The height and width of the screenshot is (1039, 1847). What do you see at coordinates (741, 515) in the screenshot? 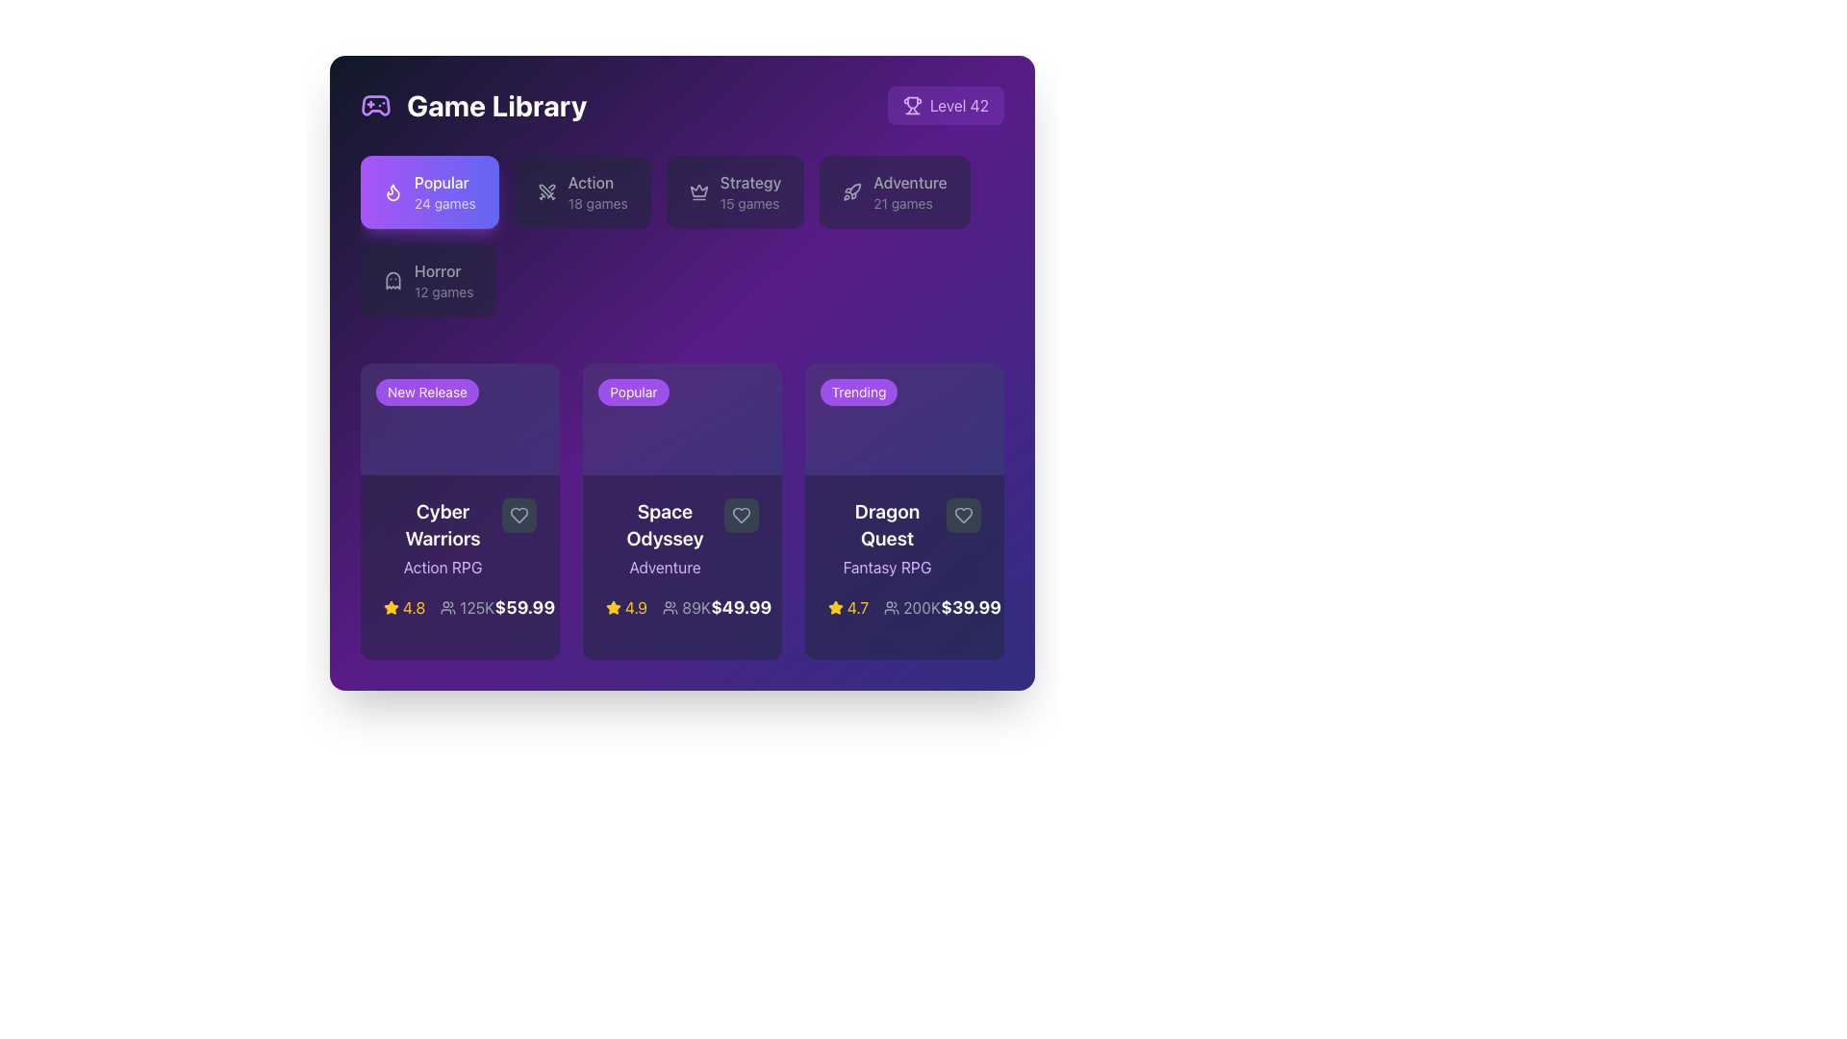
I see `the heart-shaped icon used for favoriting content in the upper-right corner of the 'Space Odyssey' card to trigger a tooltip or visual feedback` at bounding box center [741, 515].